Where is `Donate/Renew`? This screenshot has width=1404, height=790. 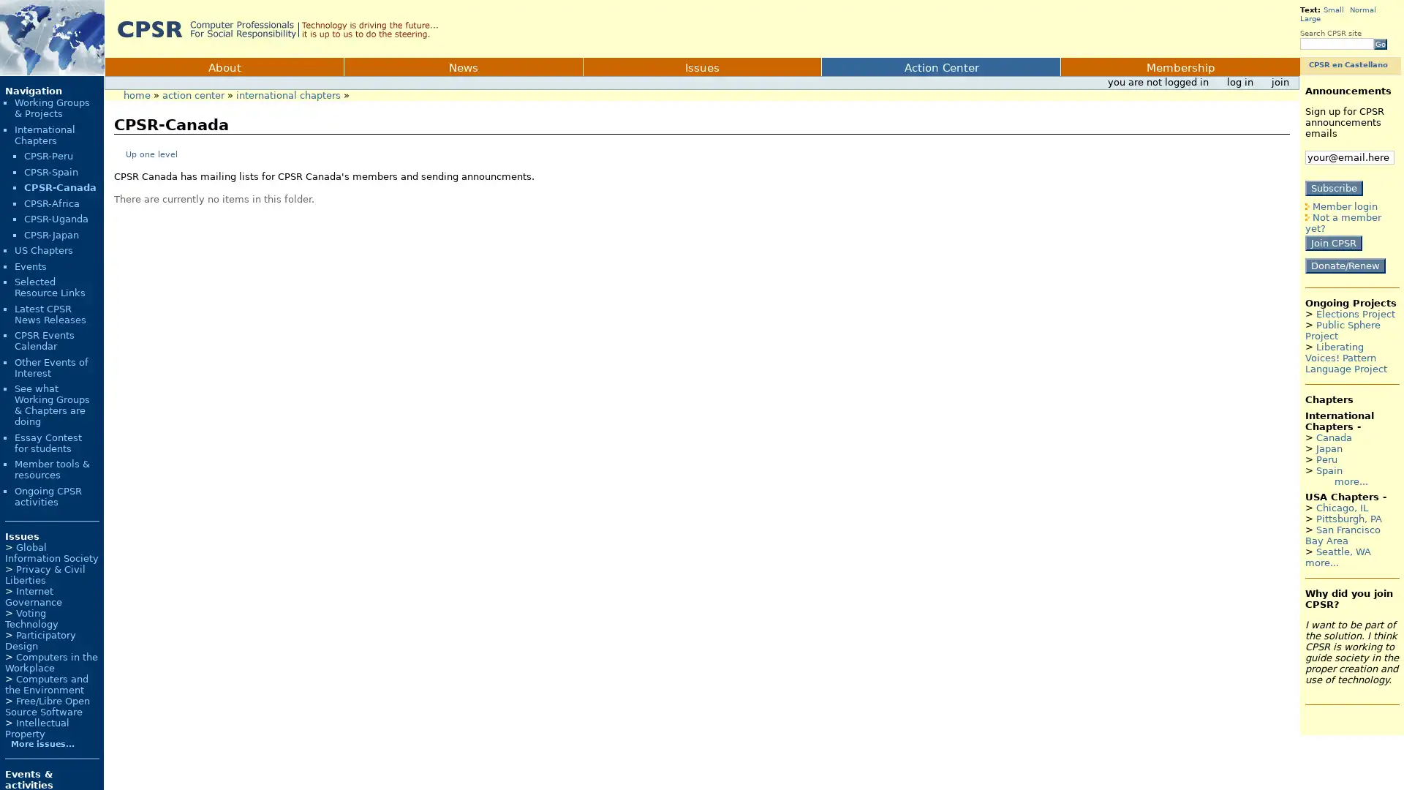
Donate/Renew is located at coordinates (1344, 265).